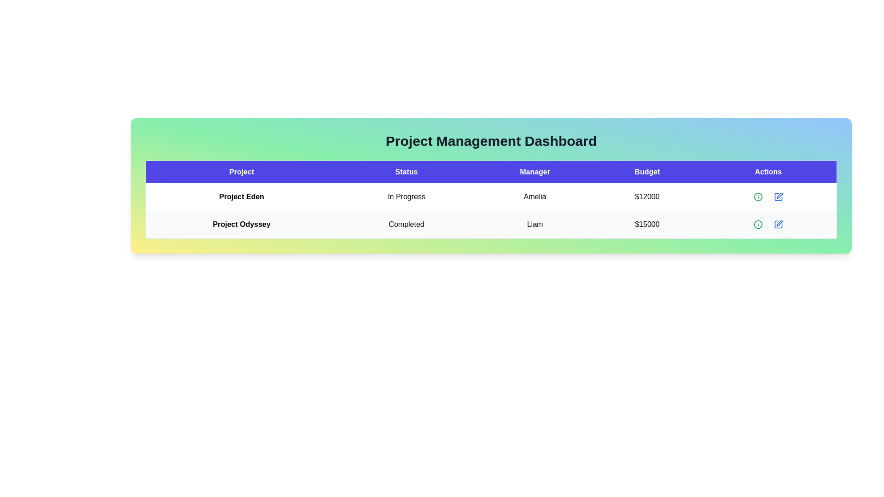  Describe the element at coordinates (406, 196) in the screenshot. I see `the textual label in the second row of the table under the 'Status' column, which indicates the current status of the associated project` at that location.